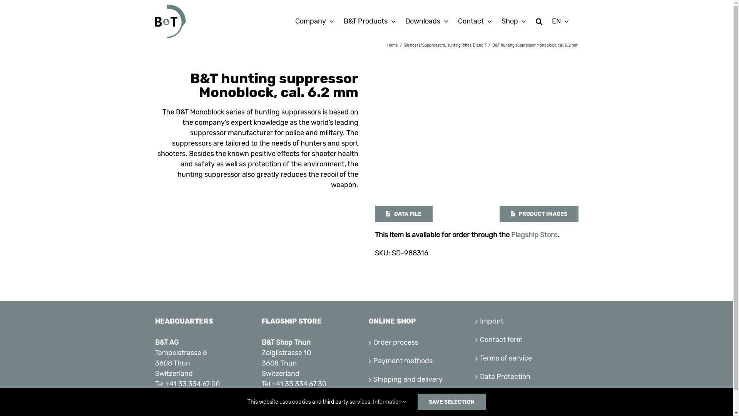  What do you see at coordinates (560, 20) in the screenshot?
I see `'EN'` at bounding box center [560, 20].